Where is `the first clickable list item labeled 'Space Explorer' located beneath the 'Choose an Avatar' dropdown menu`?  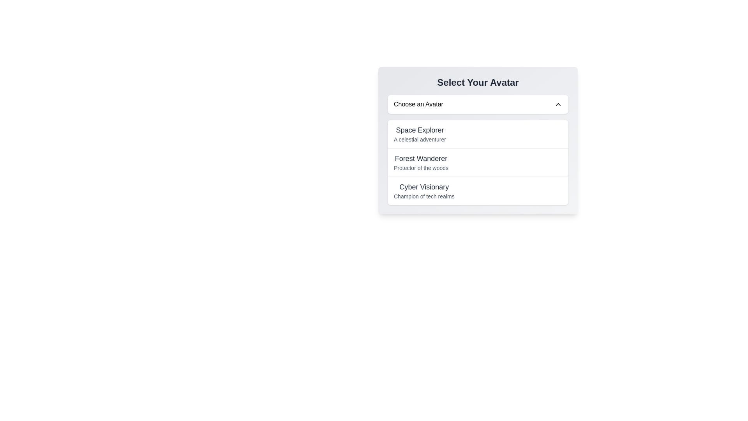 the first clickable list item labeled 'Space Explorer' located beneath the 'Choose an Avatar' dropdown menu is located at coordinates (478, 133).